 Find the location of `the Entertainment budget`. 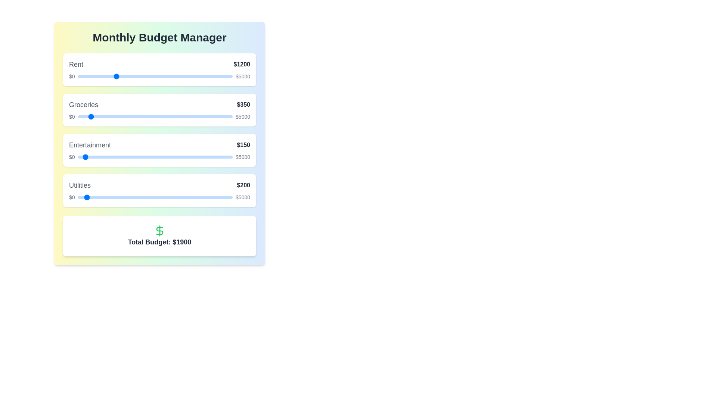

the Entertainment budget is located at coordinates (144, 156).